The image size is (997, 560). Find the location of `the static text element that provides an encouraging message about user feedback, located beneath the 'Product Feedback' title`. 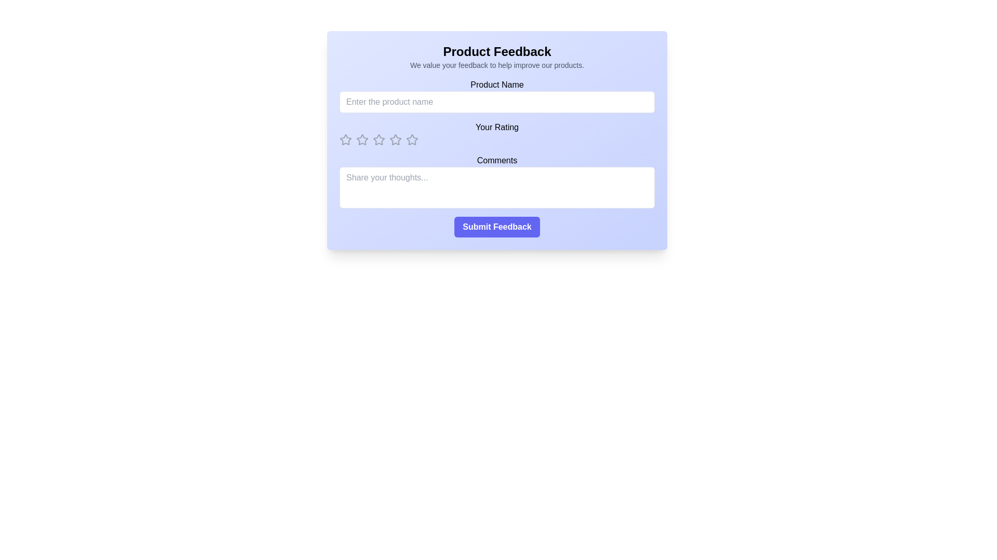

the static text element that provides an encouraging message about user feedback, located beneath the 'Product Feedback' title is located at coordinates (496, 65).